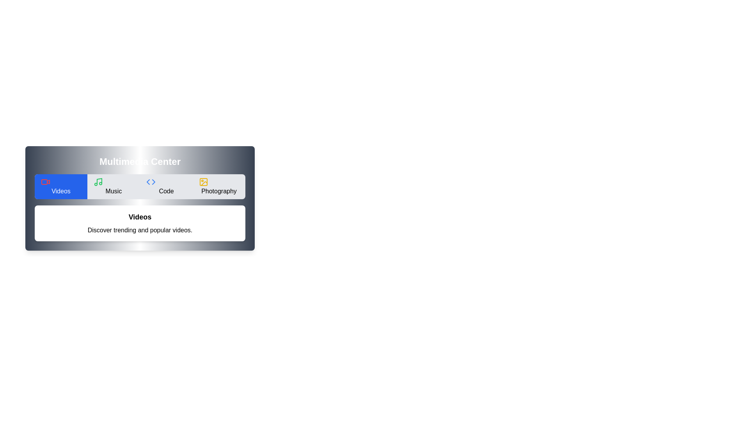  Describe the element at coordinates (60, 186) in the screenshot. I see `the Videos tab` at that location.